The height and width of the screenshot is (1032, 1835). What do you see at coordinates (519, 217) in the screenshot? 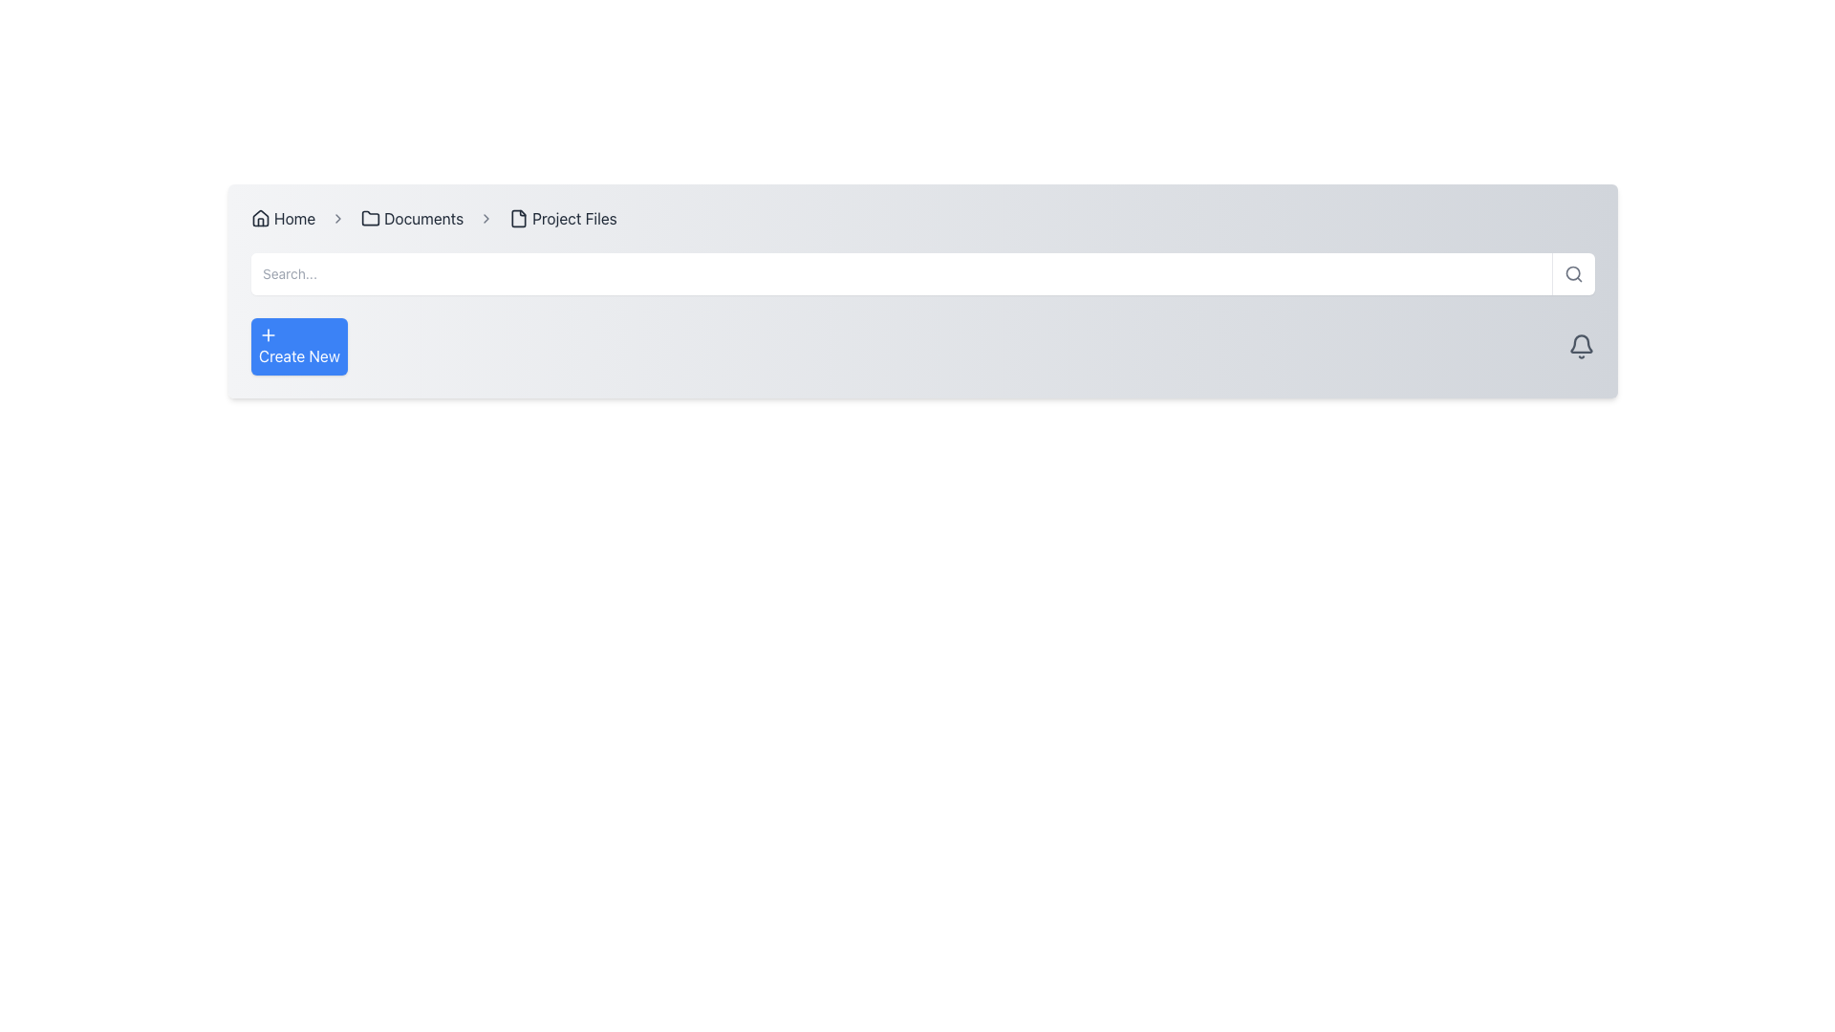
I see `the icon resembling a file or document in the breadcrumb navigation bar, positioned immediately before the text 'Project Files'` at bounding box center [519, 217].